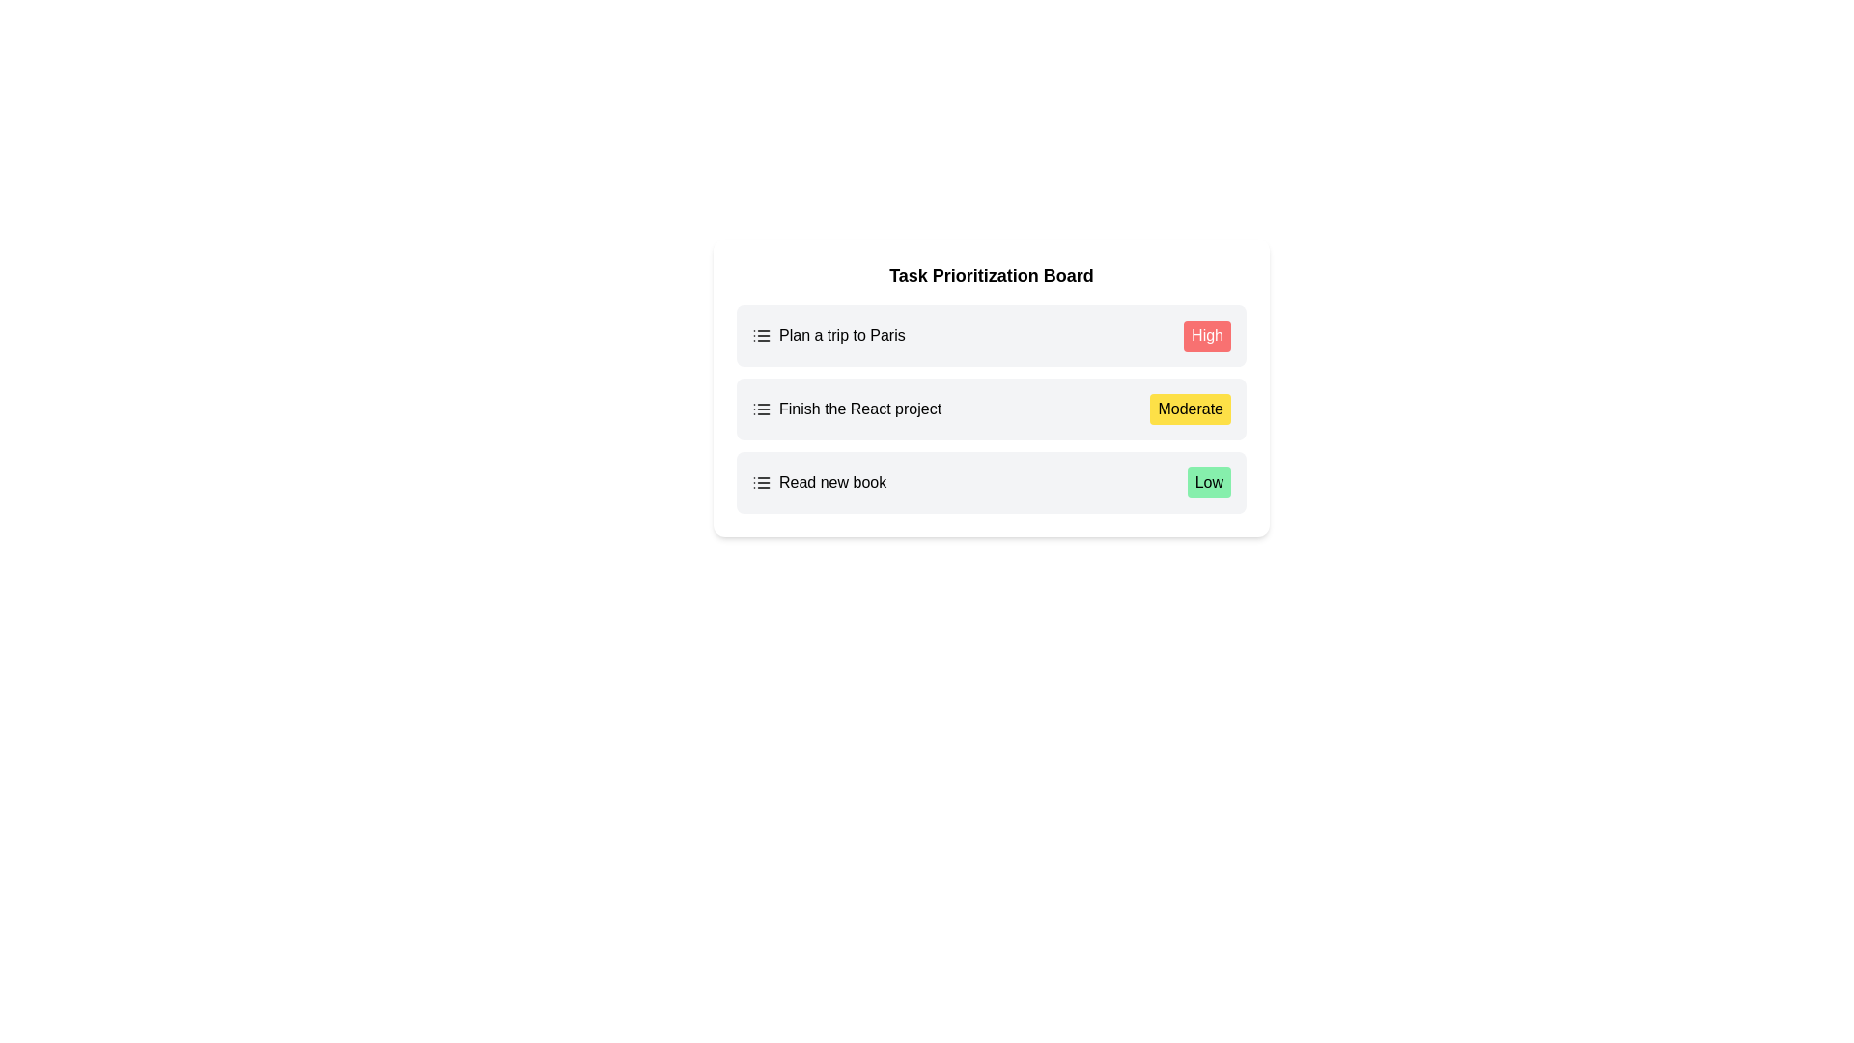  I want to click on the priority level indicator for the task 'Read new book', located on the right side of its row in the task prioritization board, so click(1208, 482).